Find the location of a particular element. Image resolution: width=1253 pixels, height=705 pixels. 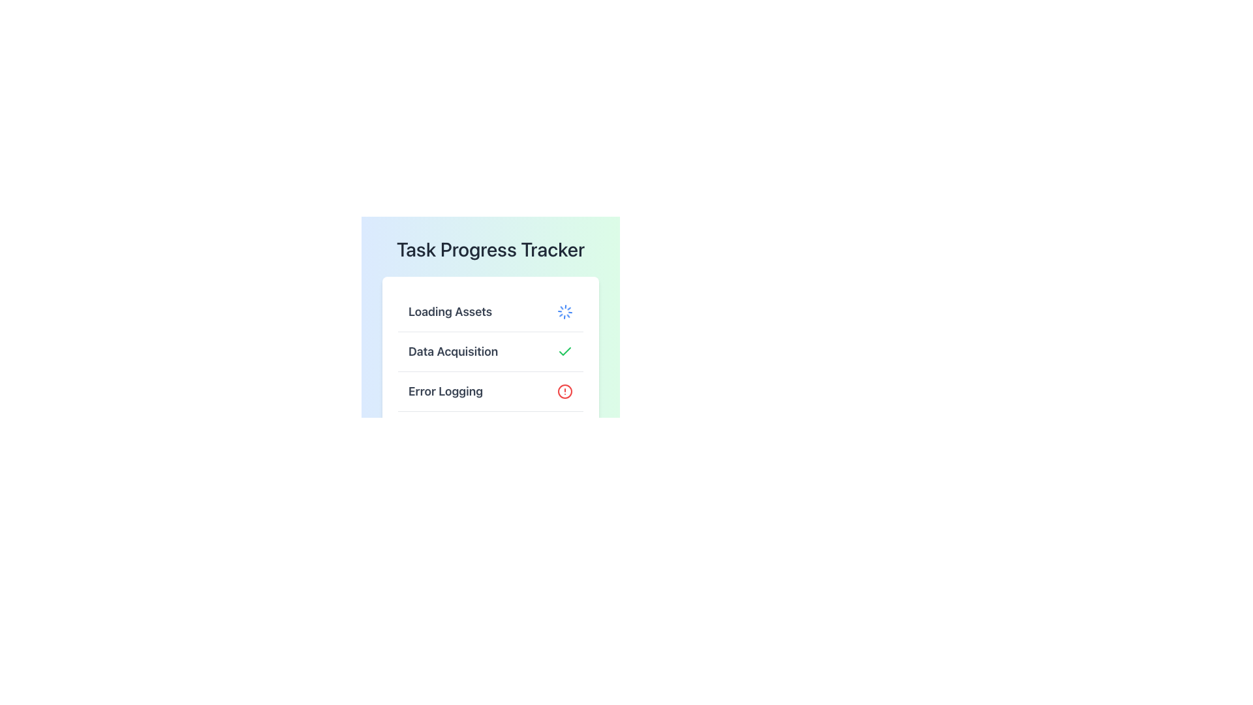

the state of the second status icon indicating successful completion of the 'Data Acquisition' task in the 'Task Progress Tracker' interface is located at coordinates (565, 351).